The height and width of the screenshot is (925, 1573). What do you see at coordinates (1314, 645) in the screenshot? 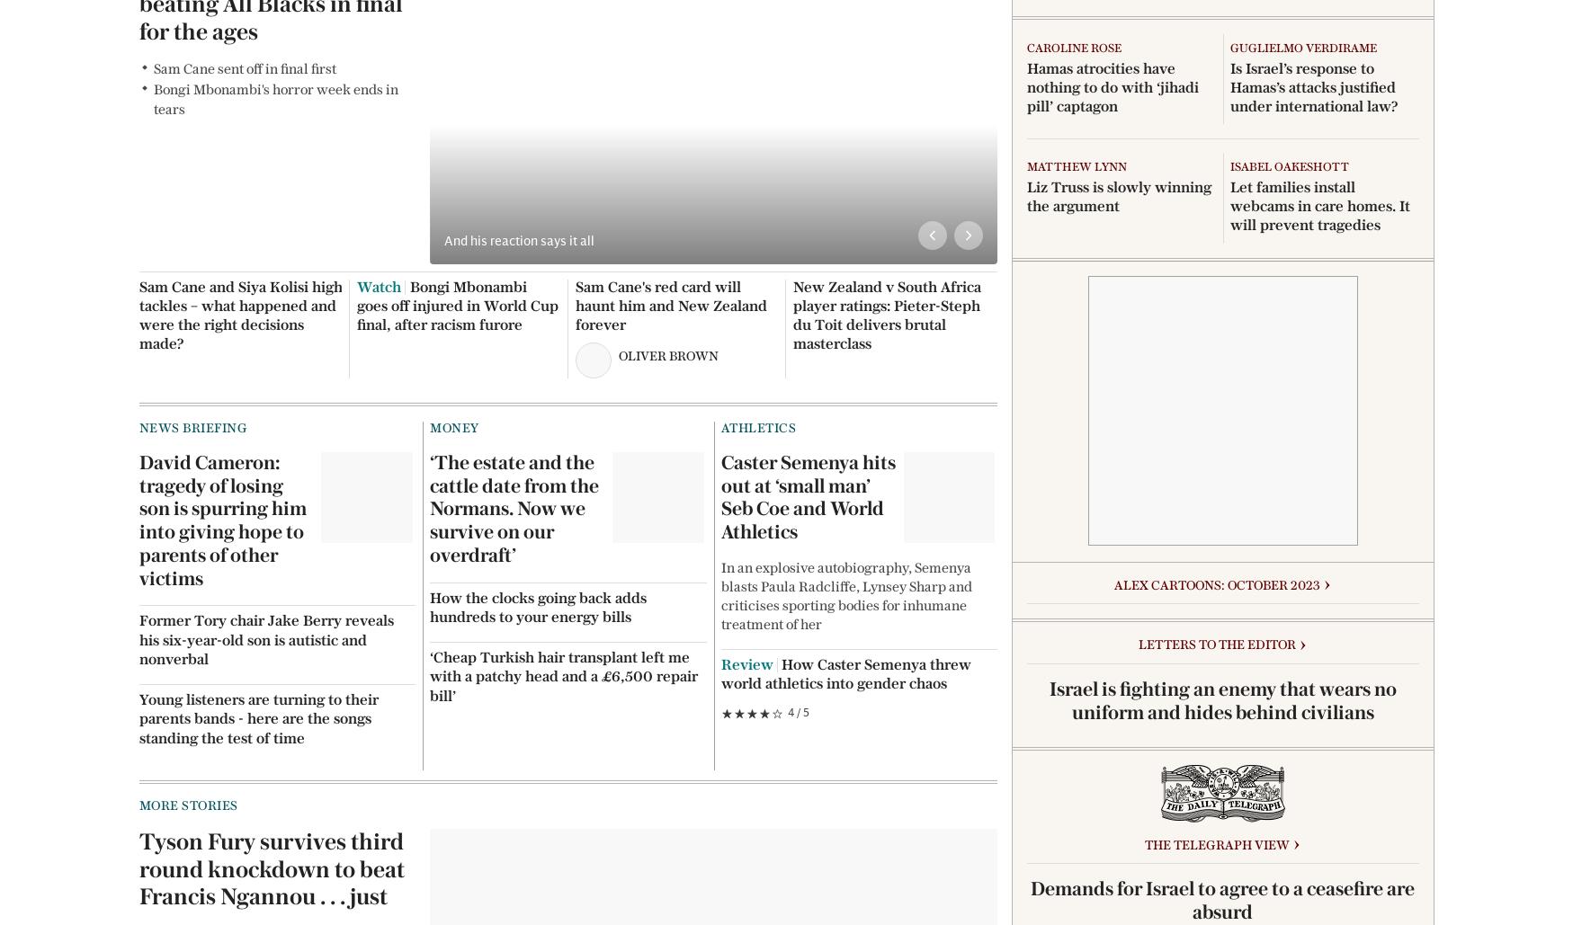
I see `'The 13 best mattresses of 2023 tried and tested at home, including hybrid mattresses'` at bounding box center [1314, 645].